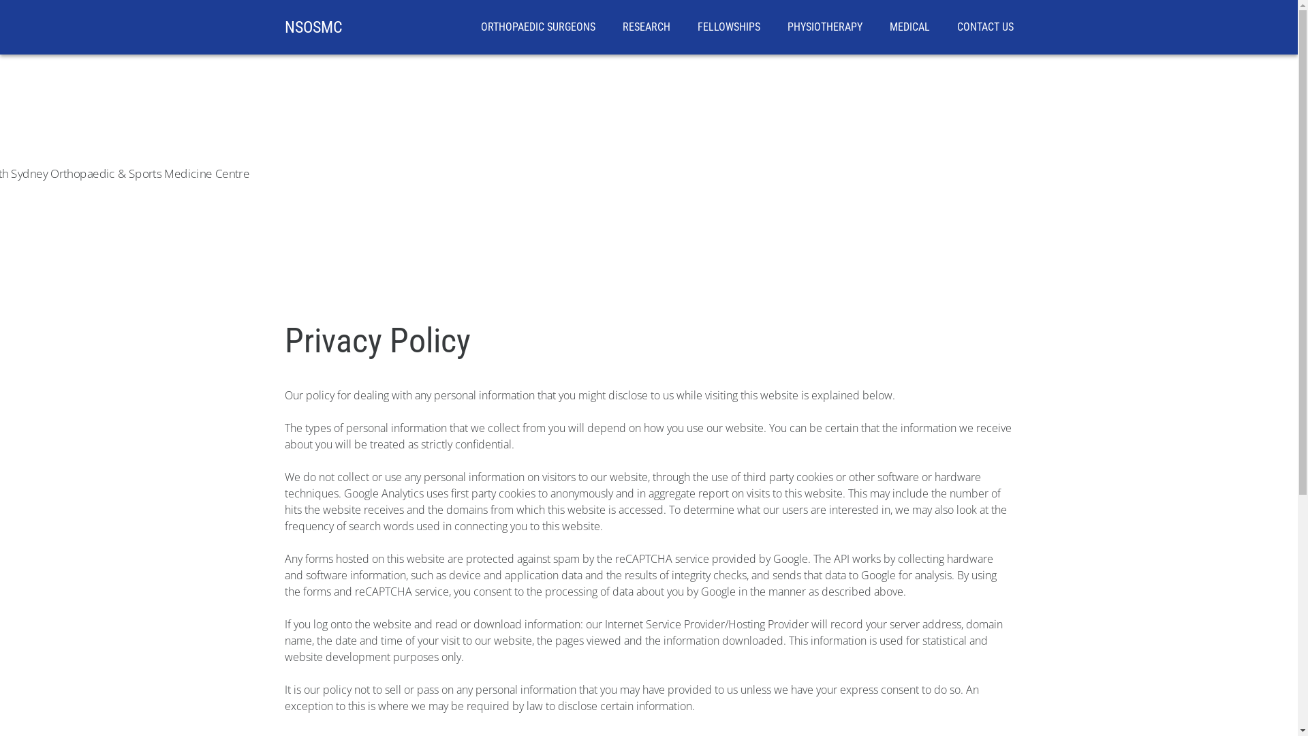 The width and height of the screenshot is (1308, 736). I want to click on 'FELLOWSHIPS', so click(728, 27).